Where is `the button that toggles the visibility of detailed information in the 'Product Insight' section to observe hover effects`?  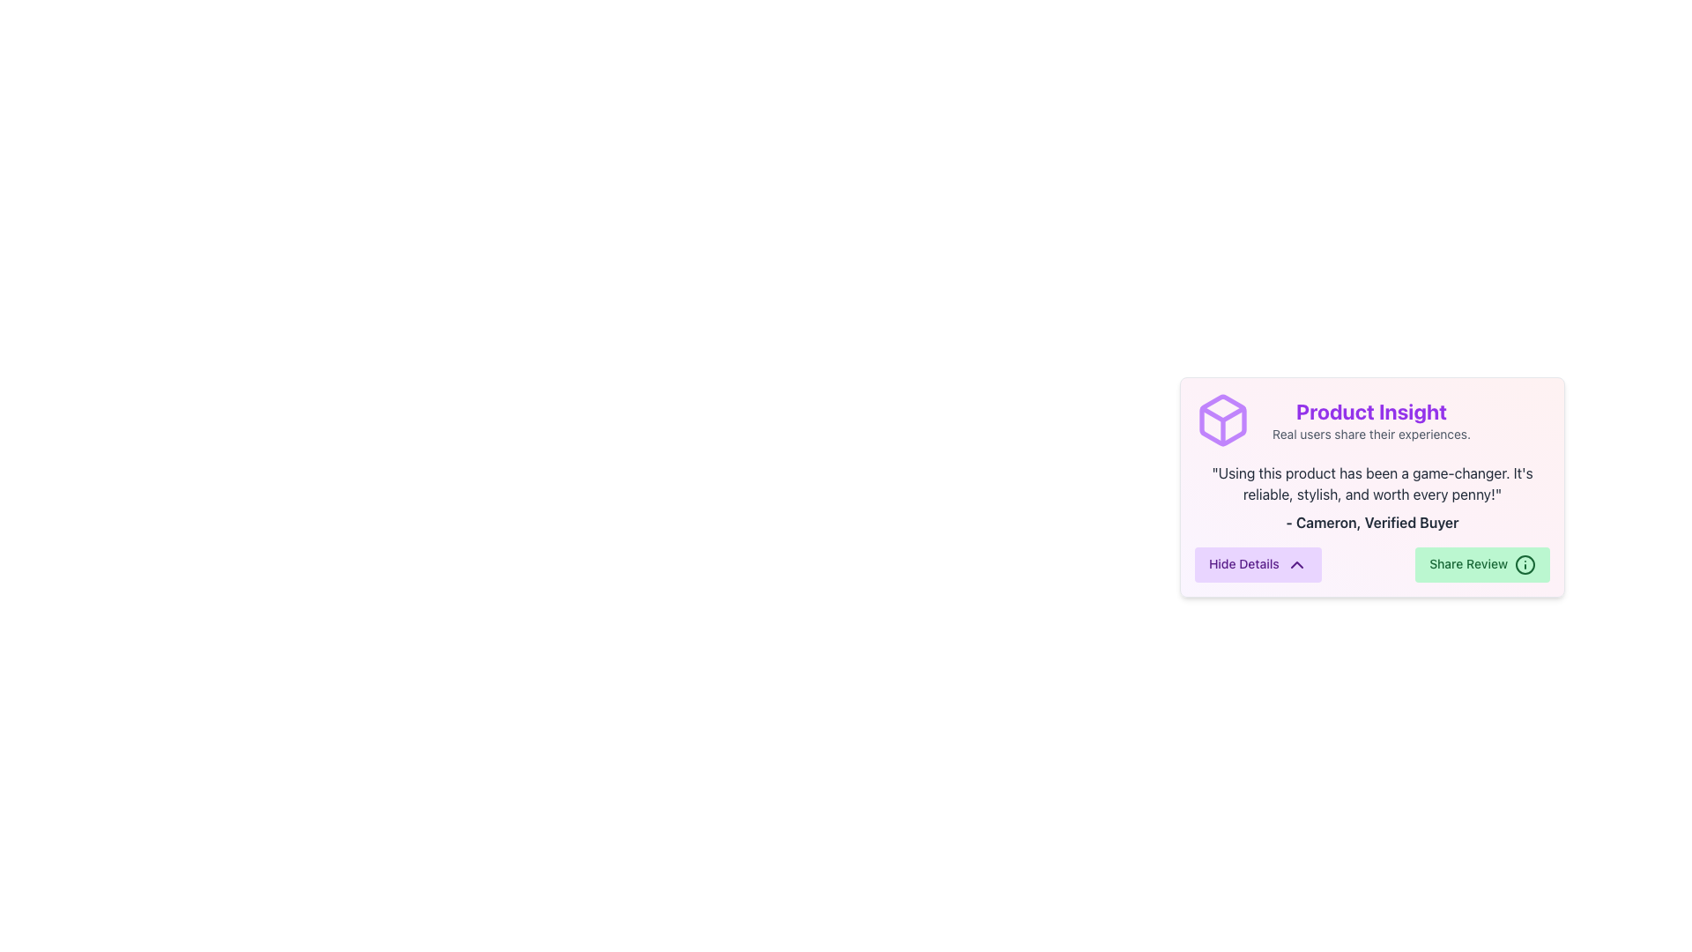
the button that toggles the visibility of detailed information in the 'Product Insight' section to observe hover effects is located at coordinates (1257, 564).